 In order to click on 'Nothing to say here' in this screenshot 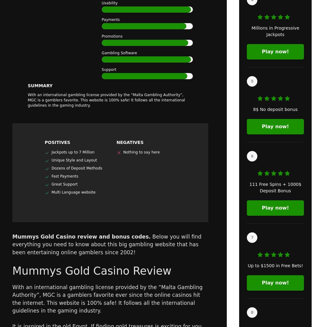, I will do `click(141, 152)`.